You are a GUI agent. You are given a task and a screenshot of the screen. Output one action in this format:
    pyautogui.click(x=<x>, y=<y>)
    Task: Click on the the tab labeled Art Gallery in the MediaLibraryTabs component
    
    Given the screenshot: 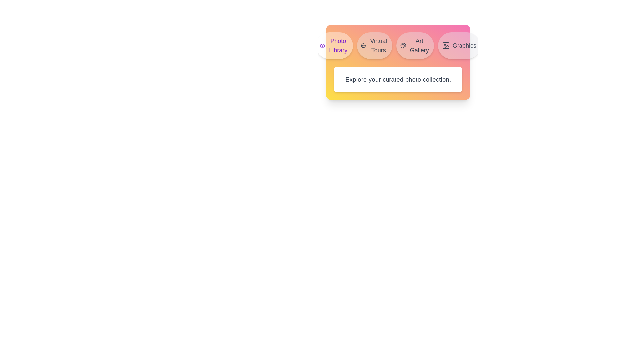 What is the action you would take?
    pyautogui.click(x=415, y=45)
    